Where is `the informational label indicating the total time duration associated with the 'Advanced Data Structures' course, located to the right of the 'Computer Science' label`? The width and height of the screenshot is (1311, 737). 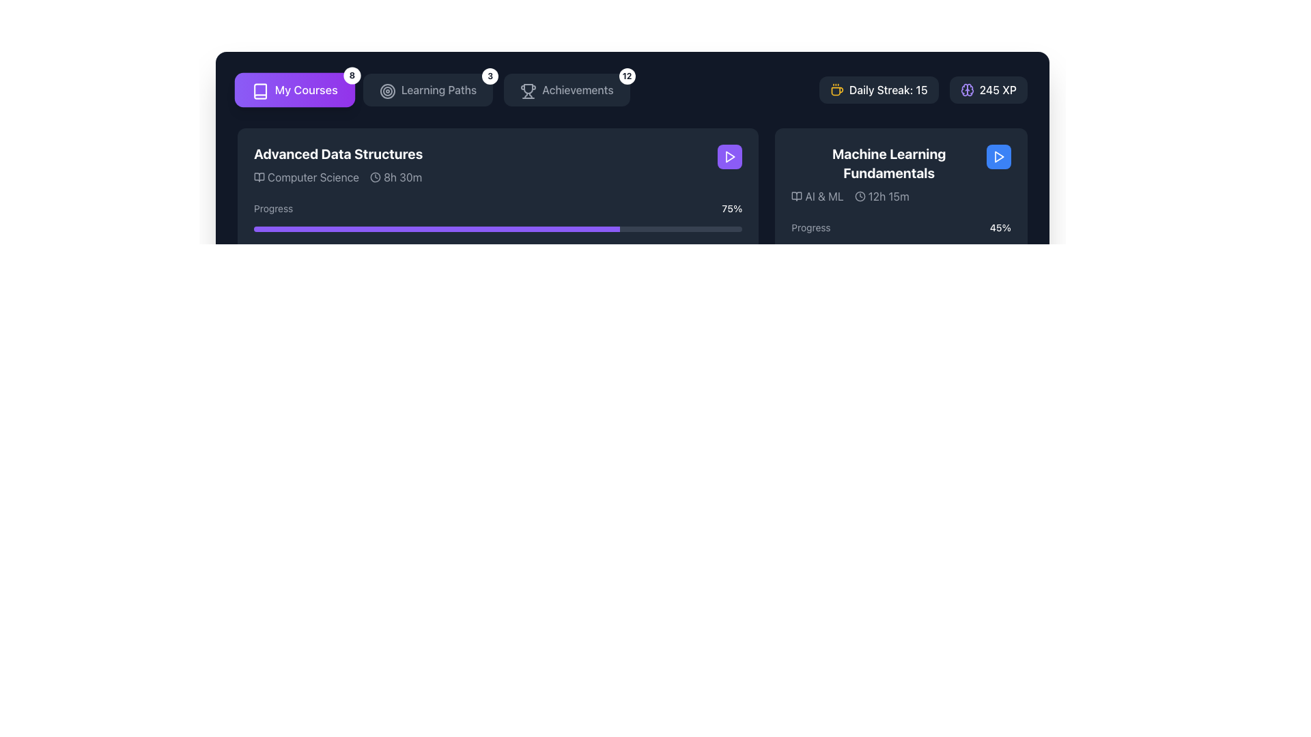
the informational label indicating the total time duration associated with the 'Advanced Data Structures' course, located to the right of the 'Computer Science' label is located at coordinates (395, 176).